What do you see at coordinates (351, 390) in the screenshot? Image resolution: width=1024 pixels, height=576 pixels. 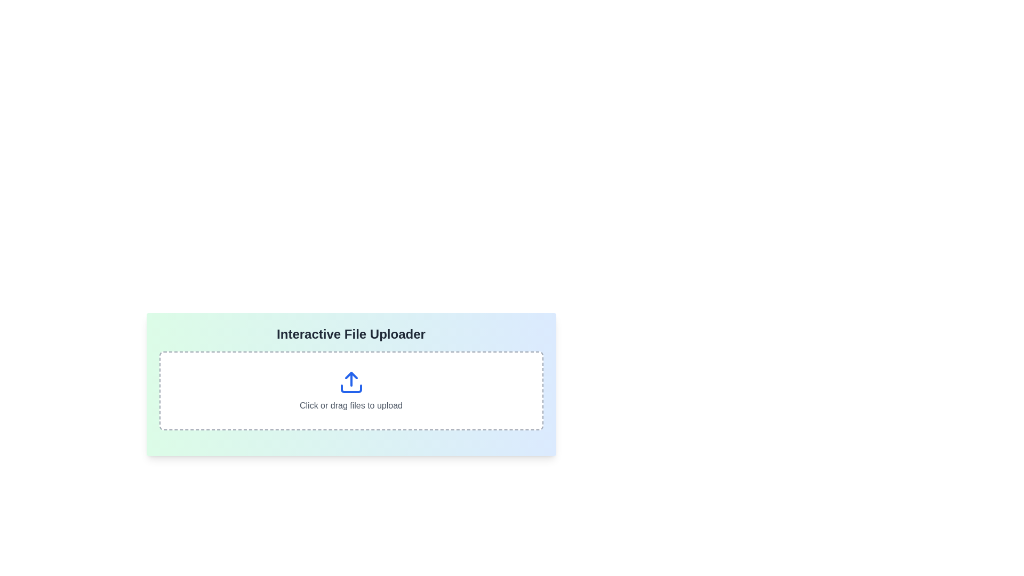 I see `files onto the File input area with a dashed border and blue upload icon` at bounding box center [351, 390].